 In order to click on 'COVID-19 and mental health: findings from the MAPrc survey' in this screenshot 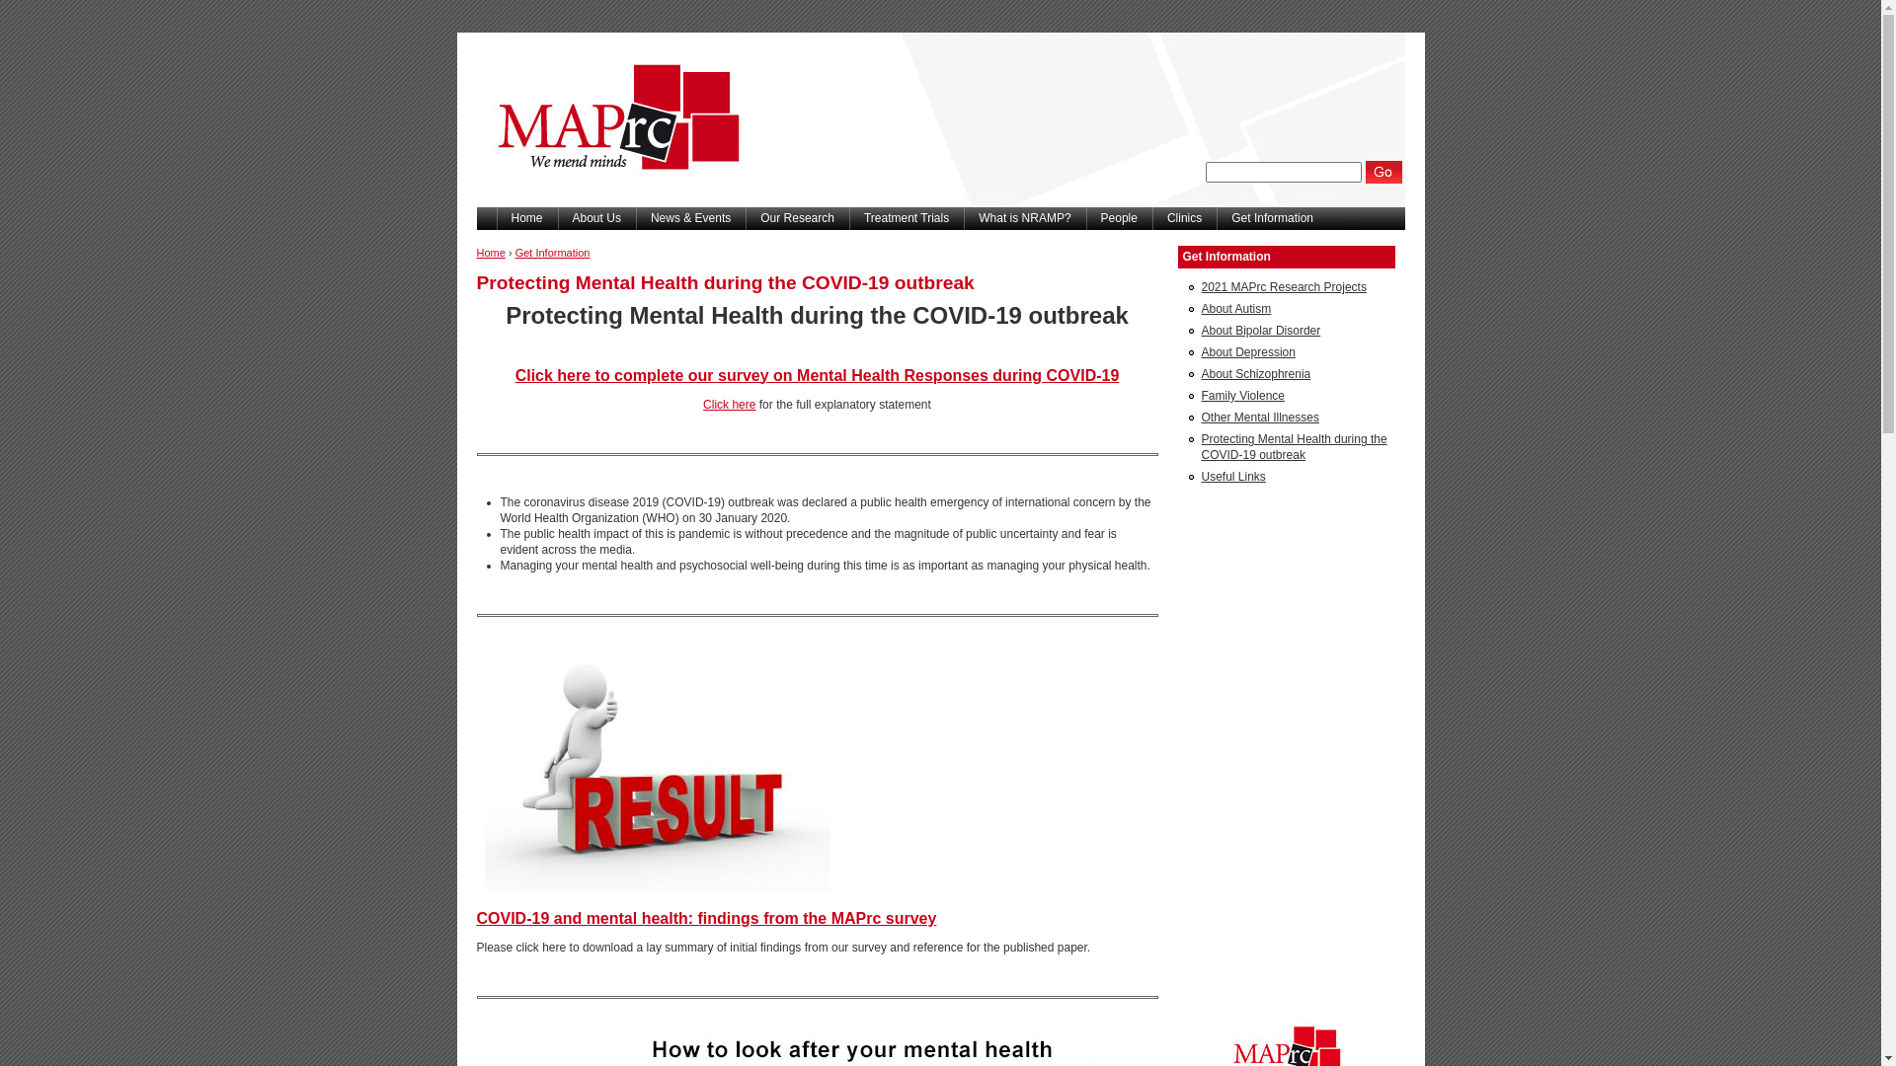, I will do `click(706, 918)`.